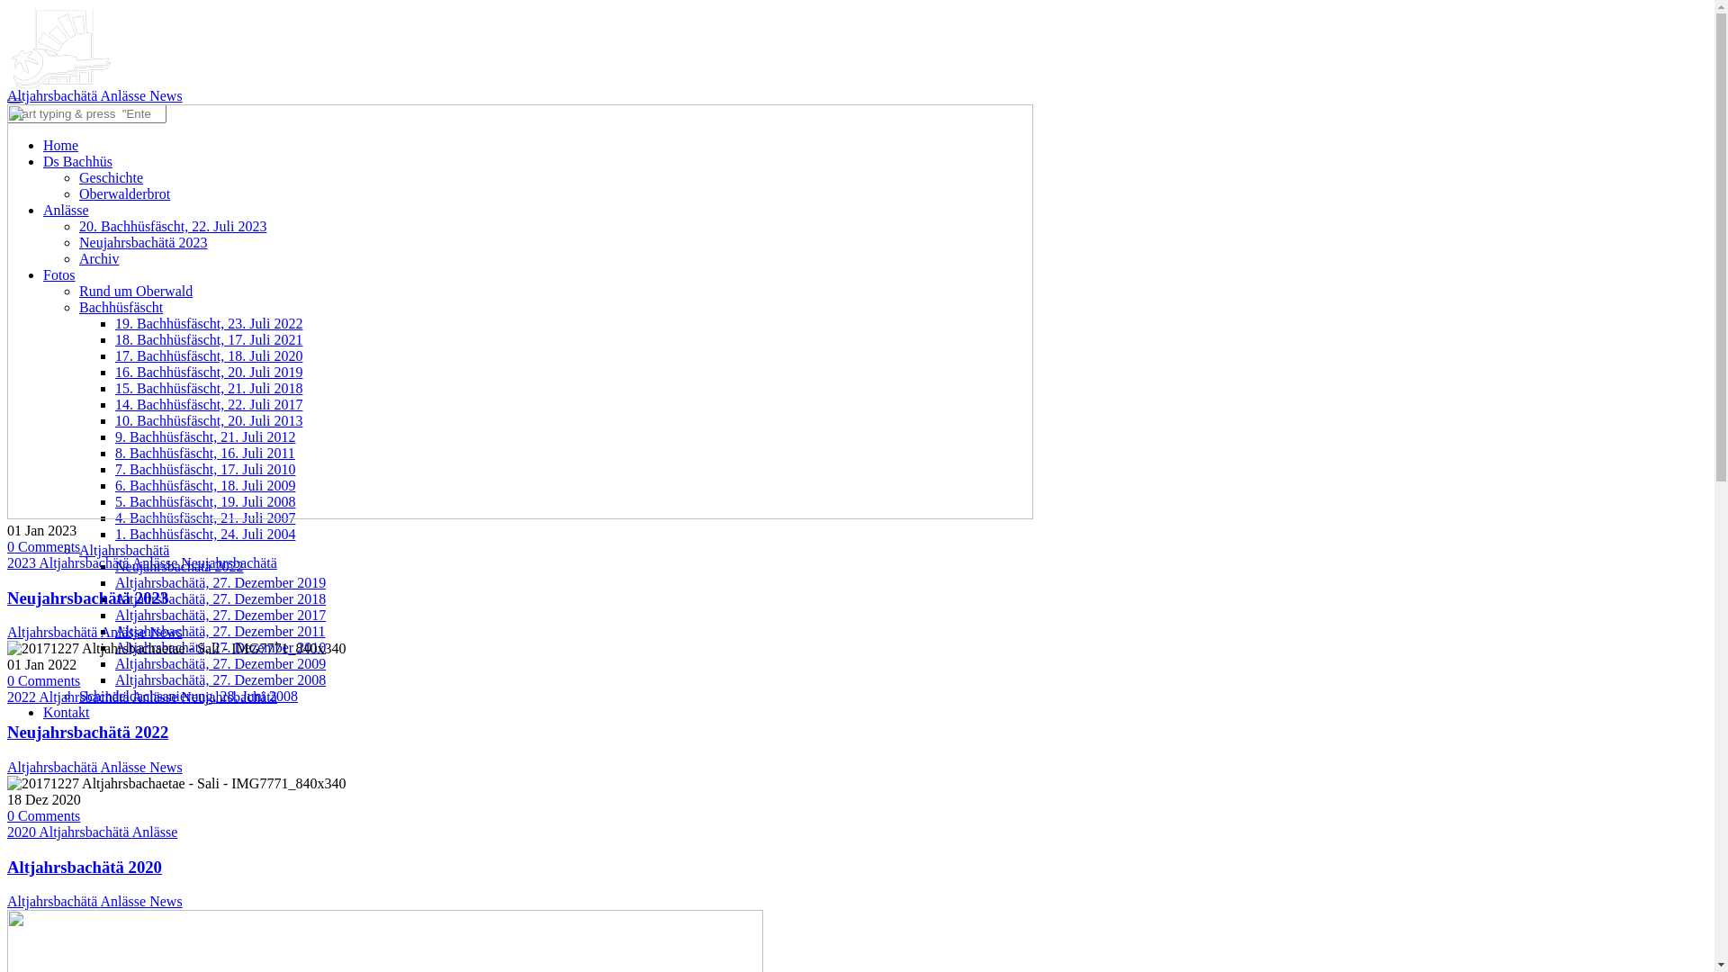 This screenshot has height=972, width=1728. I want to click on 'Kontakt', so click(66, 711).